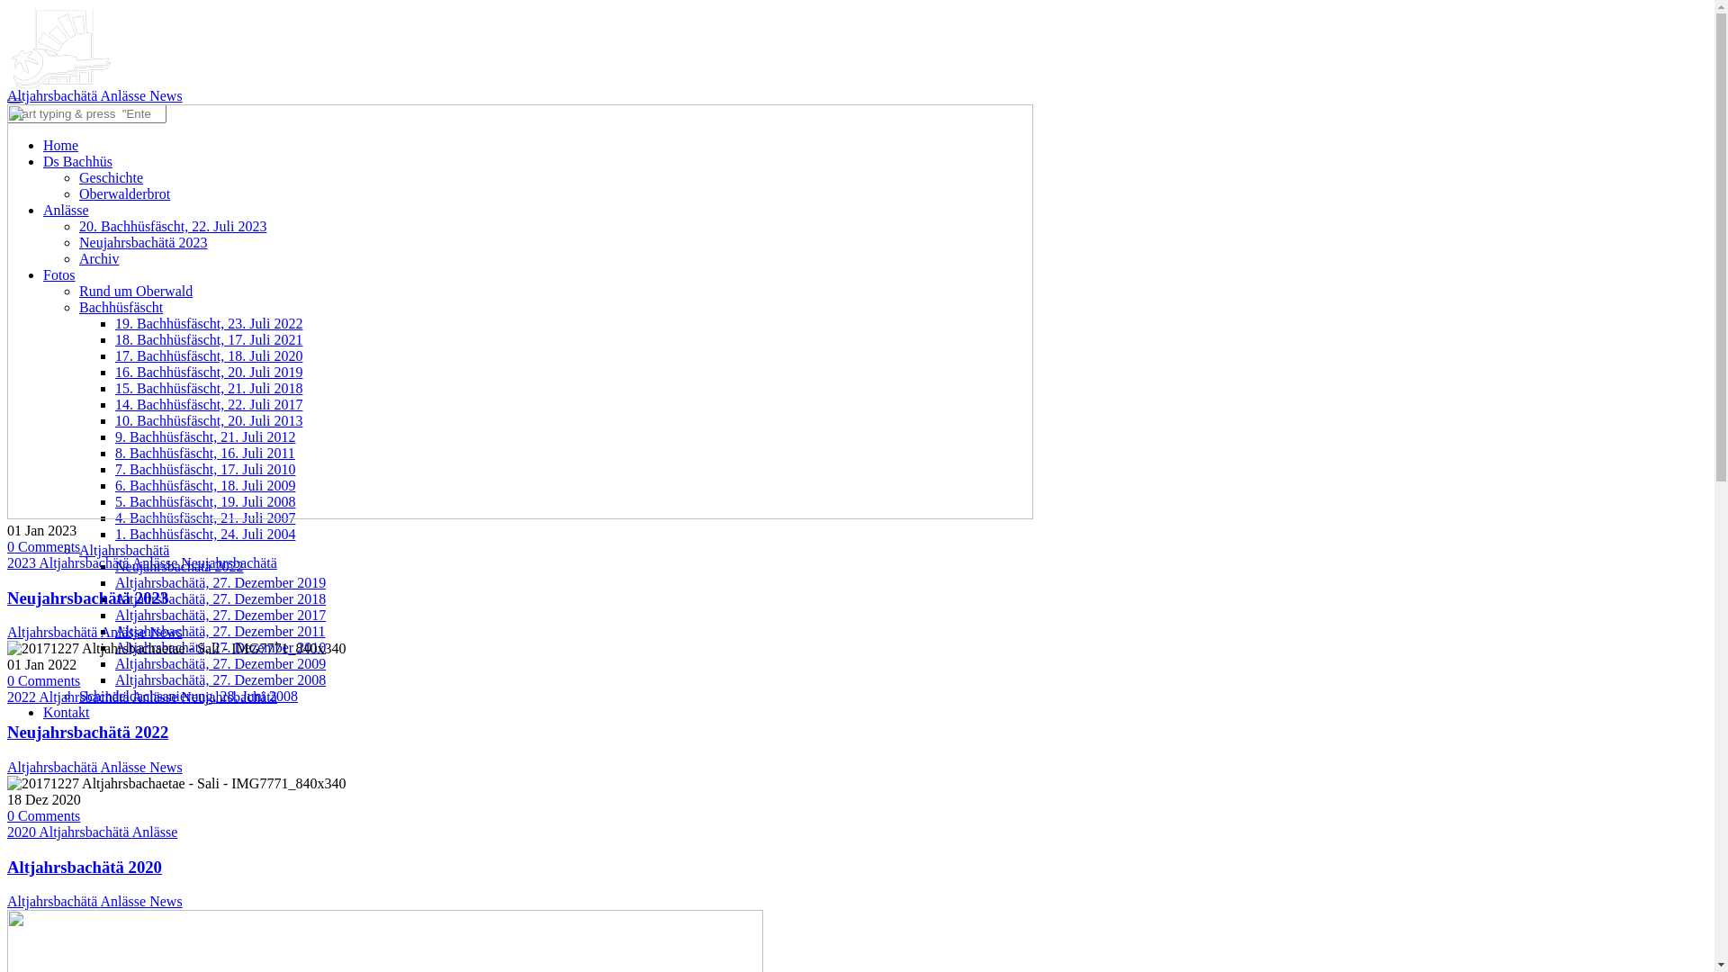 This screenshot has height=972, width=1728. I want to click on 'Kontakt', so click(66, 711).